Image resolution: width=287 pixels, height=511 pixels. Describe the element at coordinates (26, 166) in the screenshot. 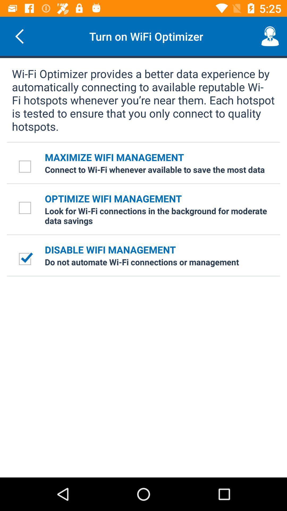

I see `the check box beside the text maximize wifi management` at that location.